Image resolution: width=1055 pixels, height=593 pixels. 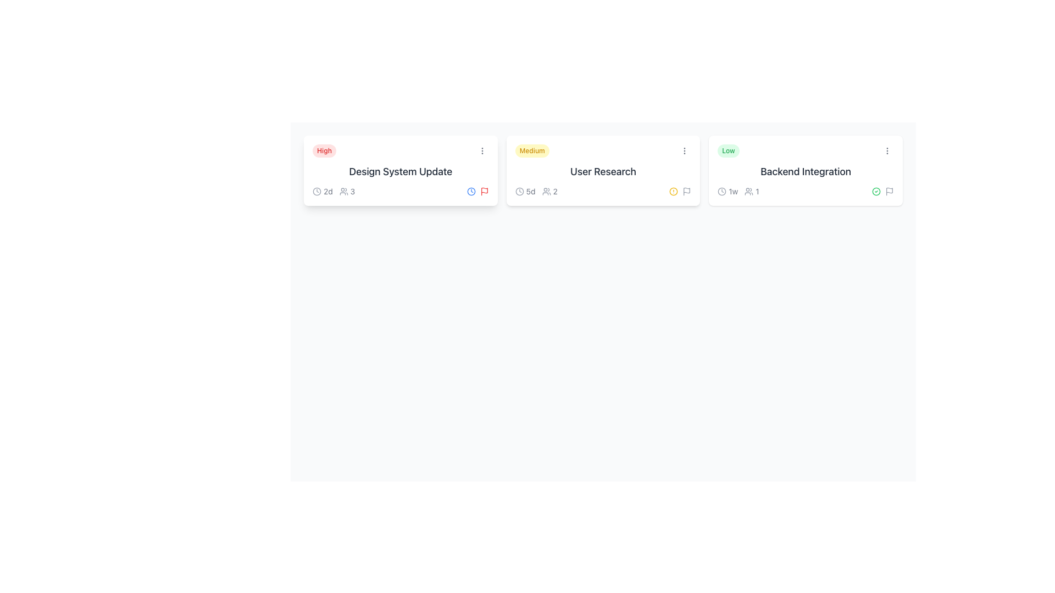 What do you see at coordinates (555, 191) in the screenshot?
I see `the numeral '2' element styled in small gray text located on the far right of the user icon within the User Research card` at bounding box center [555, 191].